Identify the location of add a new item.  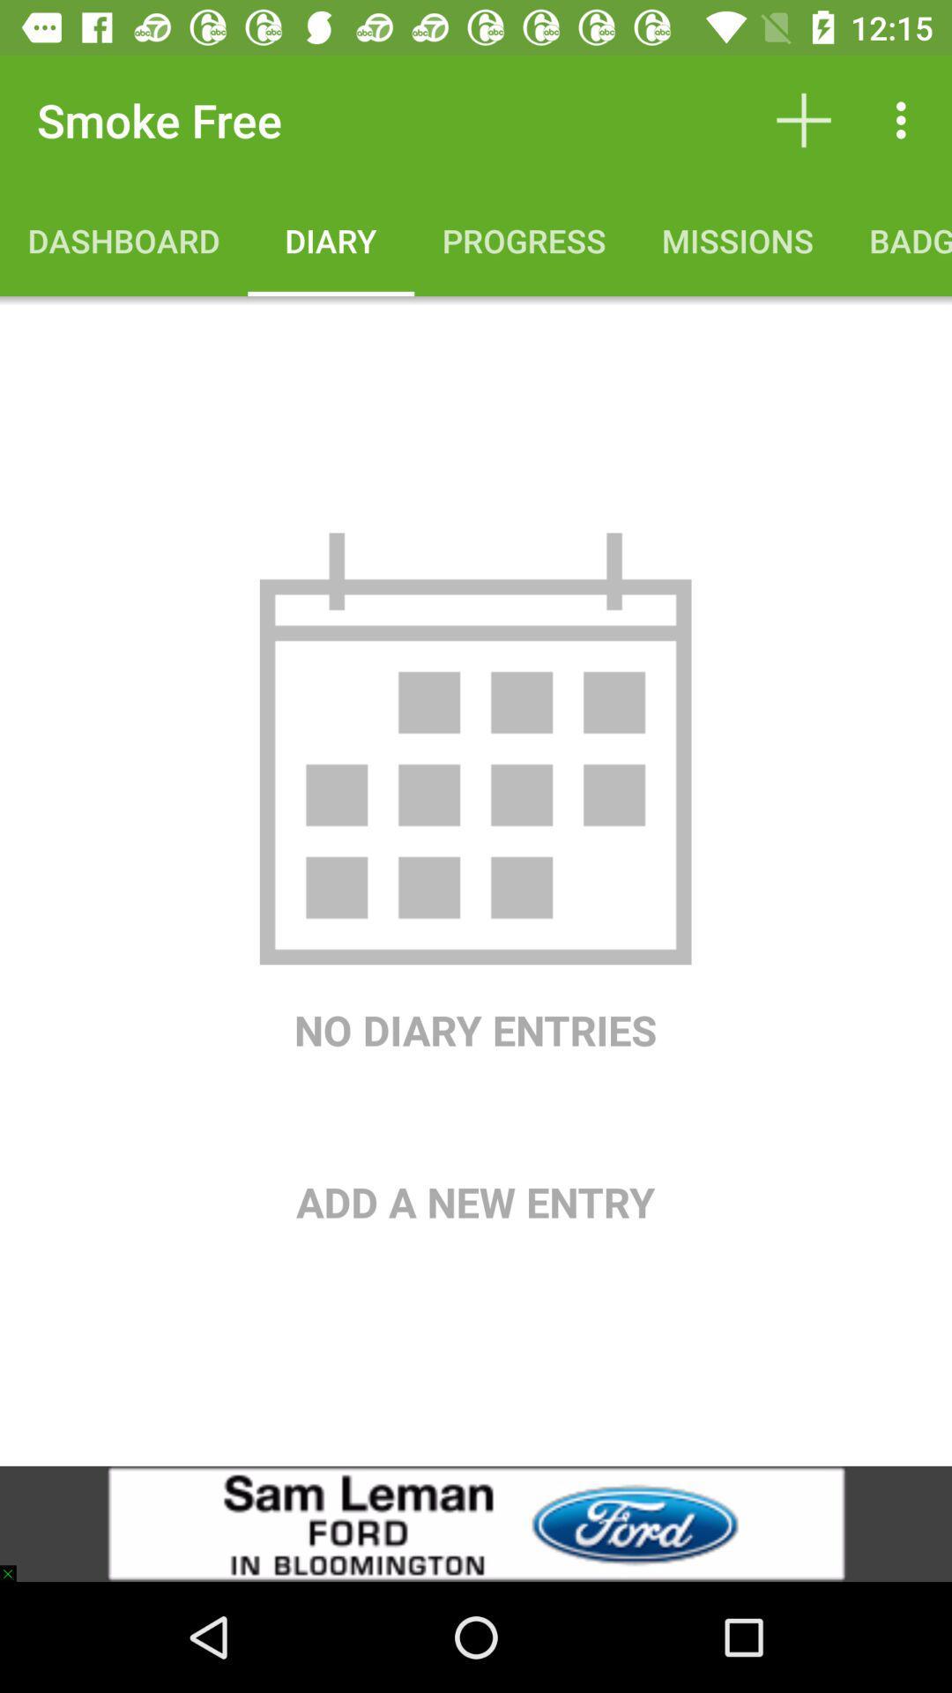
(474, 1144).